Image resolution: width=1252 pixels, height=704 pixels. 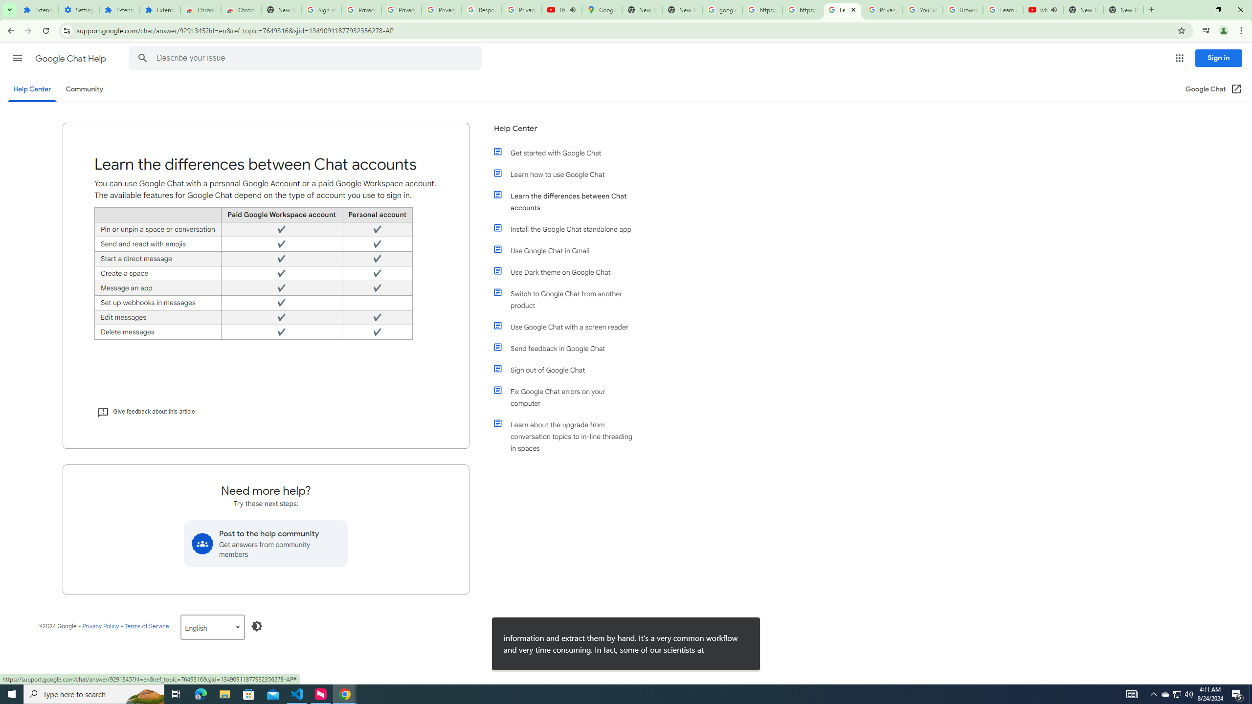 What do you see at coordinates (307, 58) in the screenshot?
I see `'Describe your issue'` at bounding box center [307, 58].